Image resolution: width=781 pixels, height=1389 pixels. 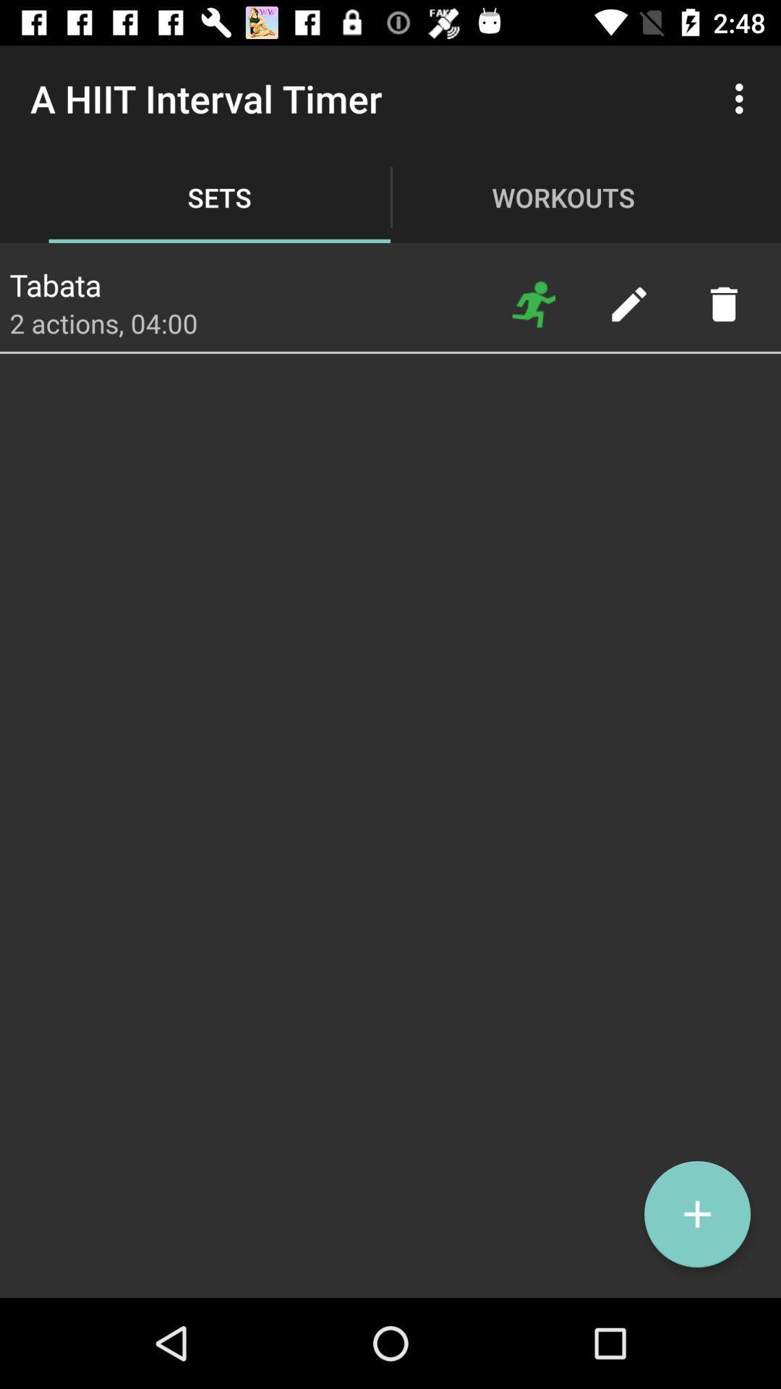 What do you see at coordinates (723, 303) in the screenshot?
I see `delete` at bounding box center [723, 303].